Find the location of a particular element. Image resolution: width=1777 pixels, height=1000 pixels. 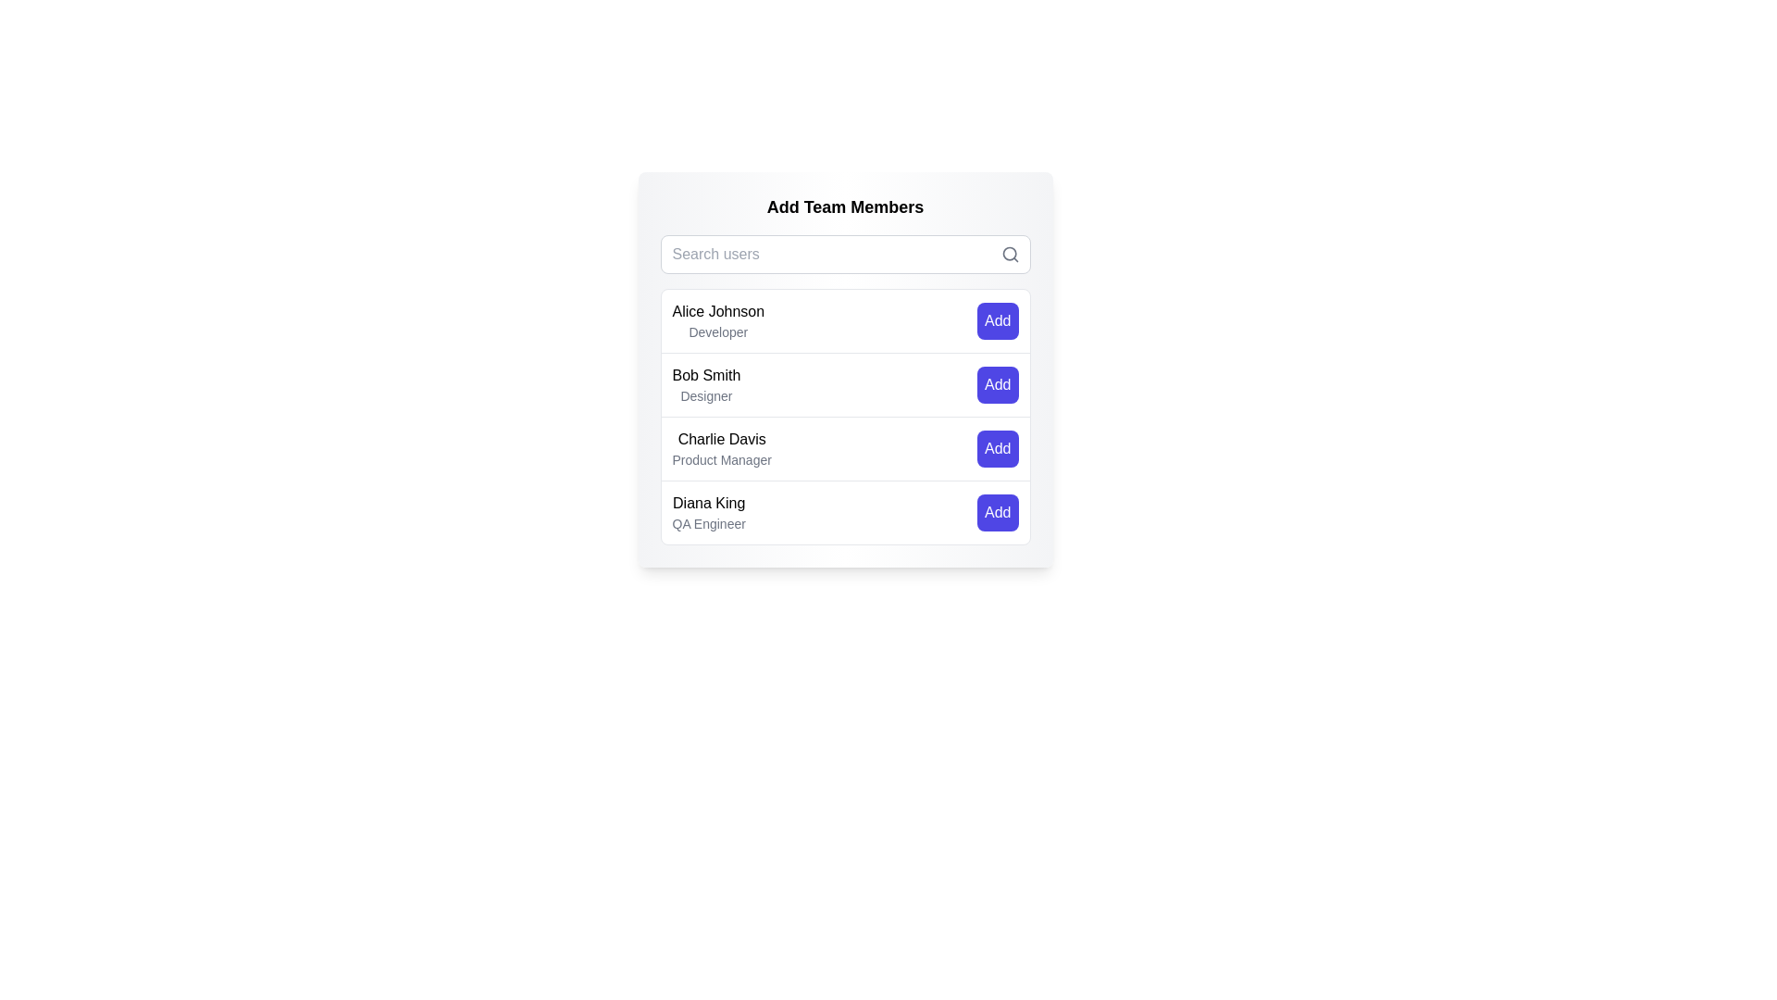

text label displaying 'Product Manager' located below 'Charlie Davis' in the centralized modal dialog box titled 'Add Team Members' is located at coordinates (721, 459).